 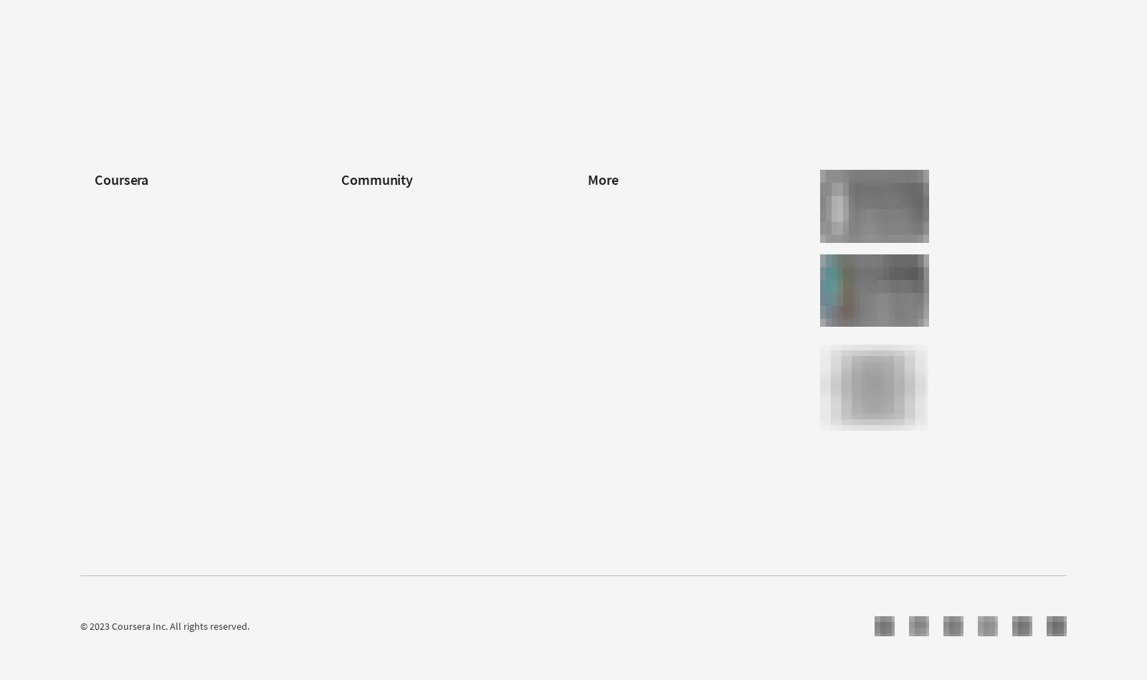 What do you see at coordinates (586, 312) in the screenshot?
I see `'Accessibility'` at bounding box center [586, 312].